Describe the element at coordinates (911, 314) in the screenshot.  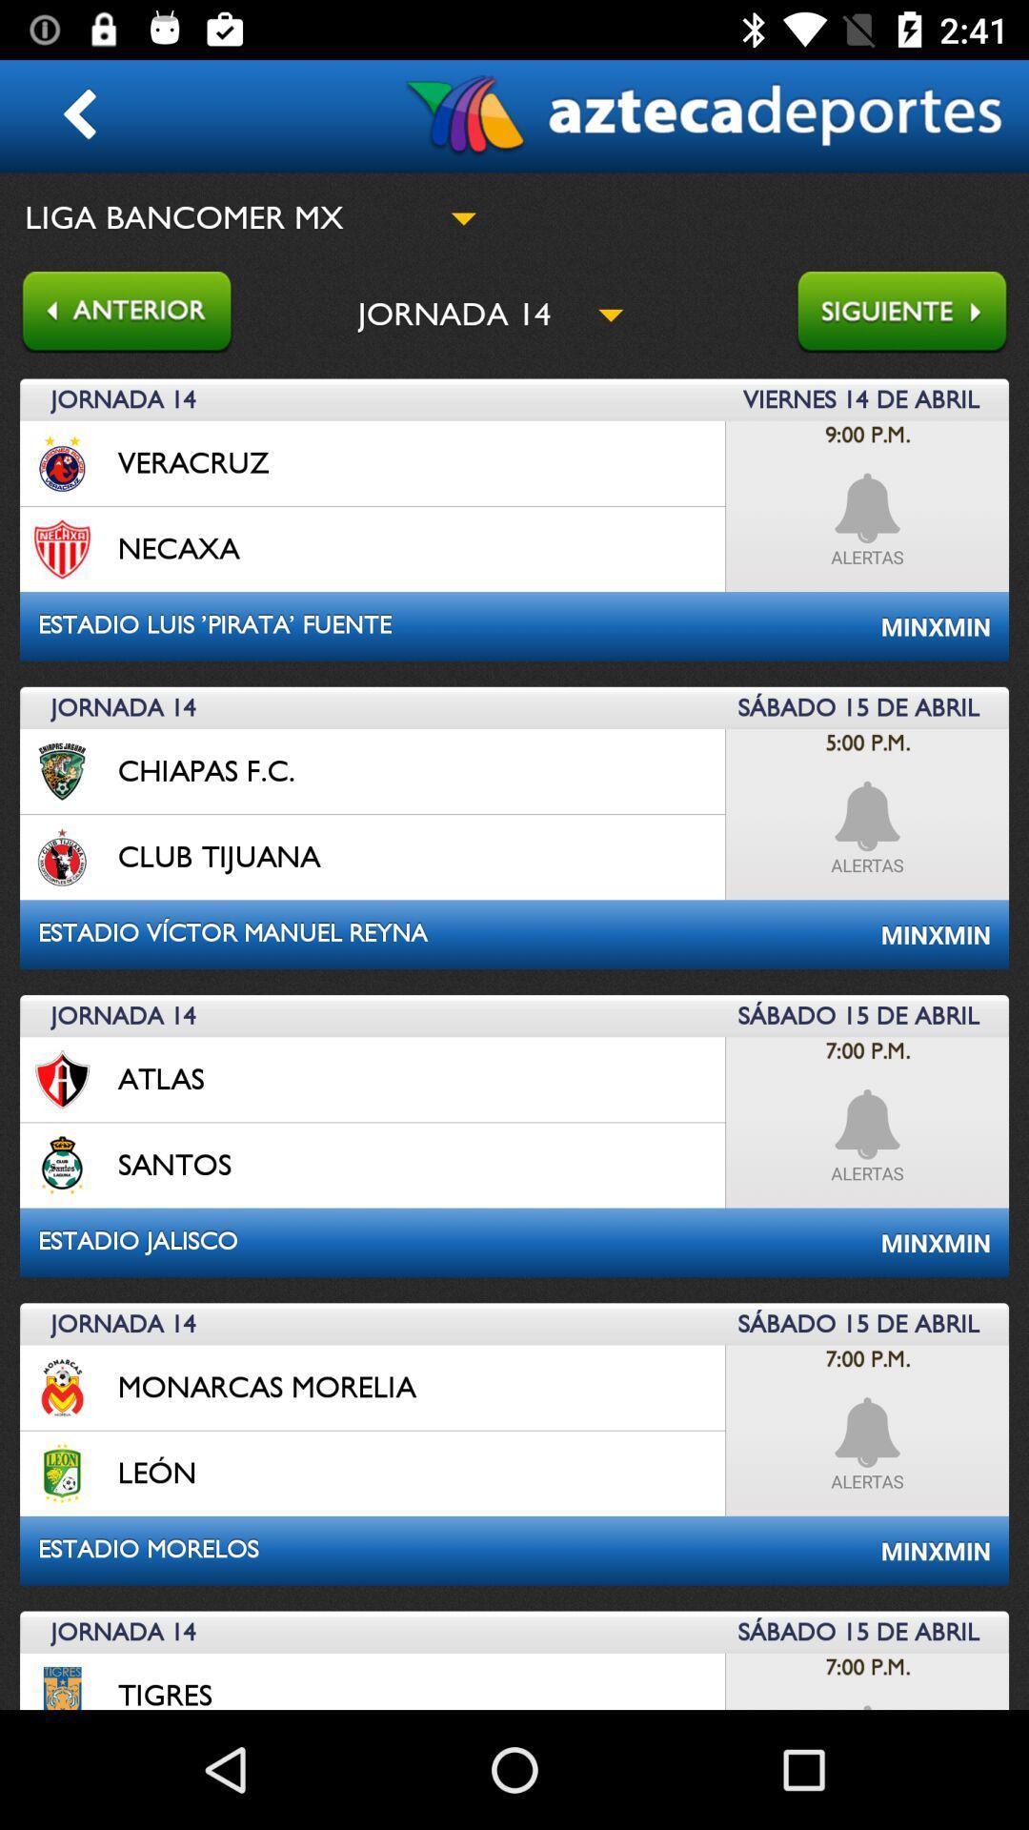
I see `next` at that location.